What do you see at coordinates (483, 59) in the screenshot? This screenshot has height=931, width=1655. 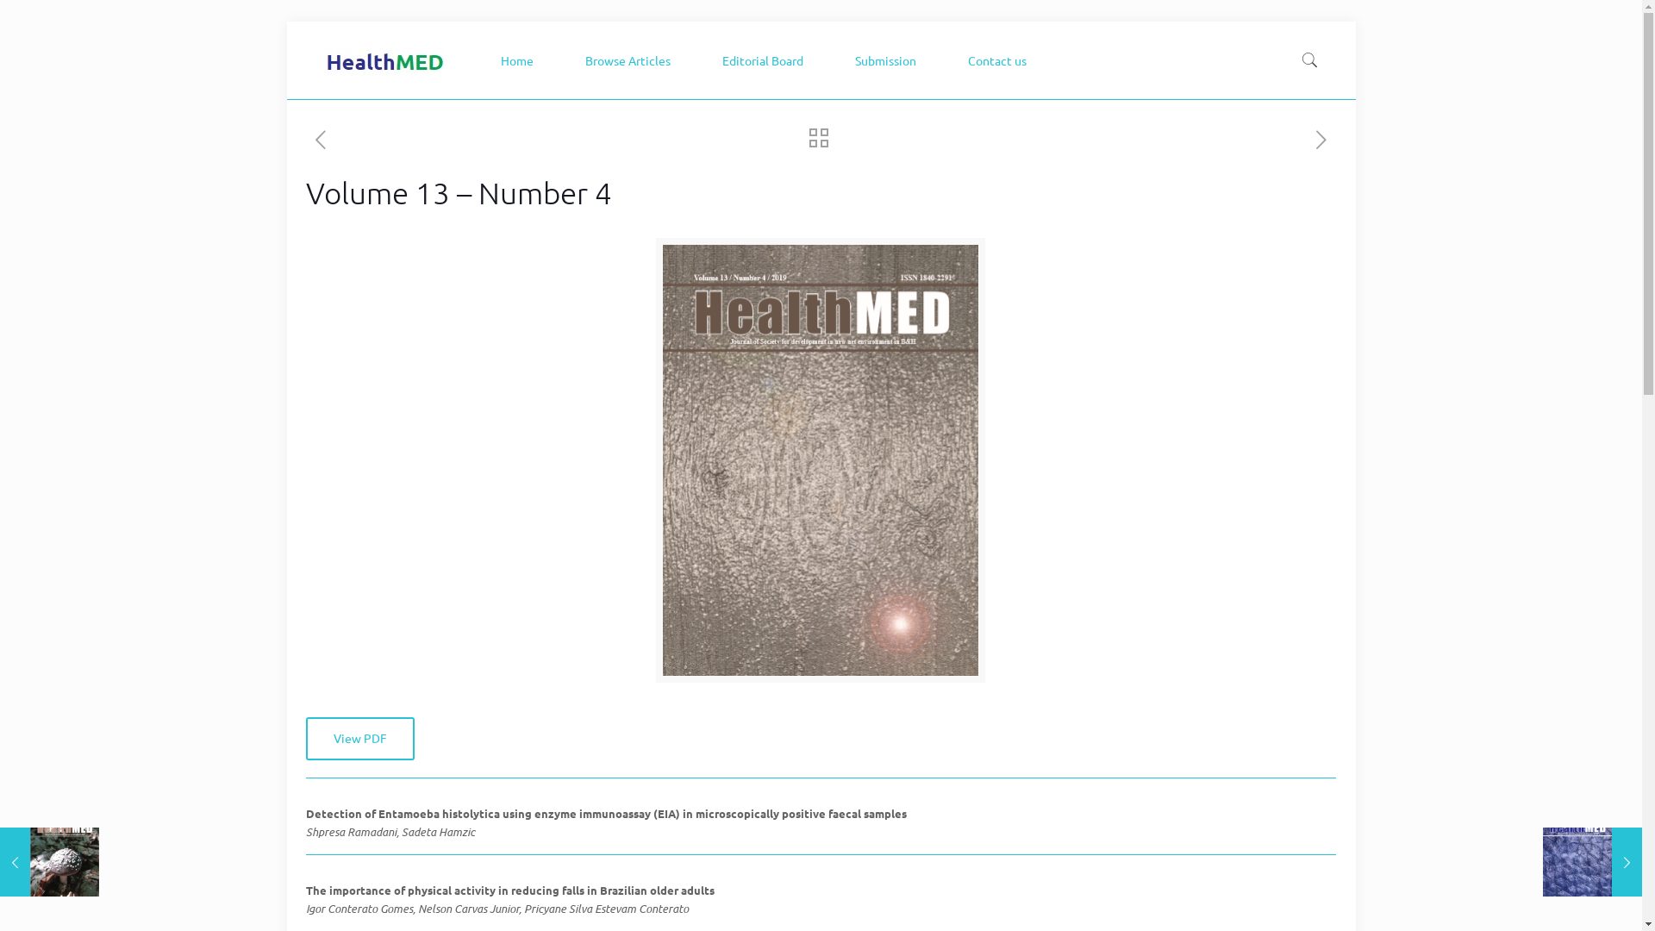 I see `'Home'` at bounding box center [483, 59].